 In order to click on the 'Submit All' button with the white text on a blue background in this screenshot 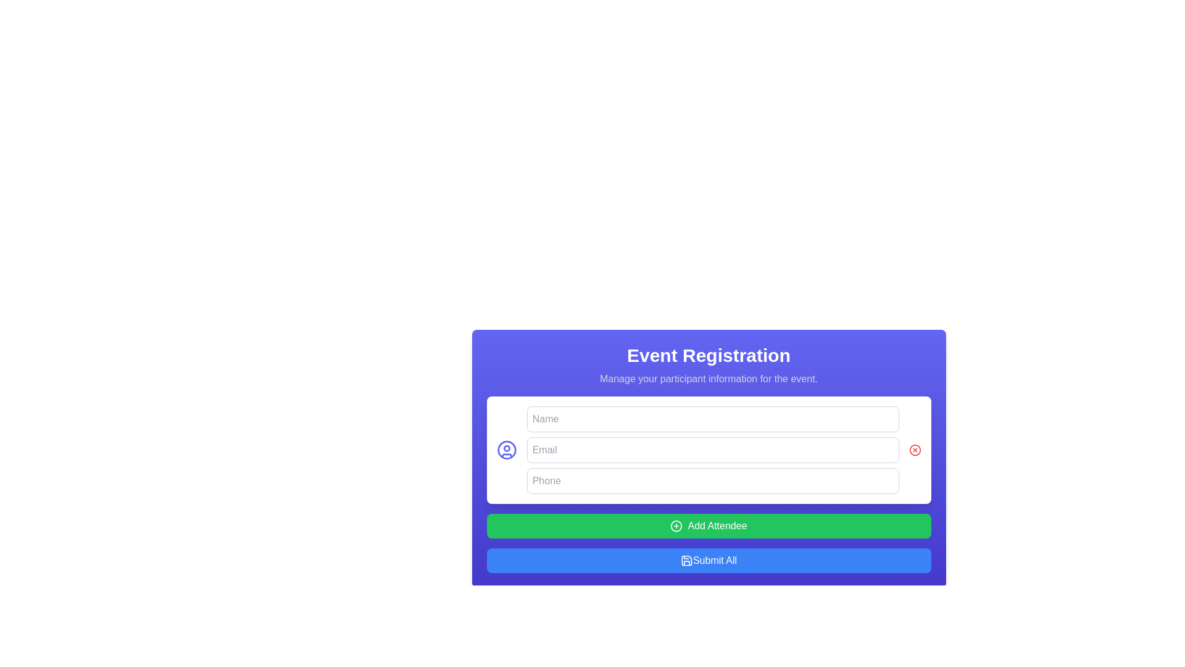, I will do `click(715, 560)`.